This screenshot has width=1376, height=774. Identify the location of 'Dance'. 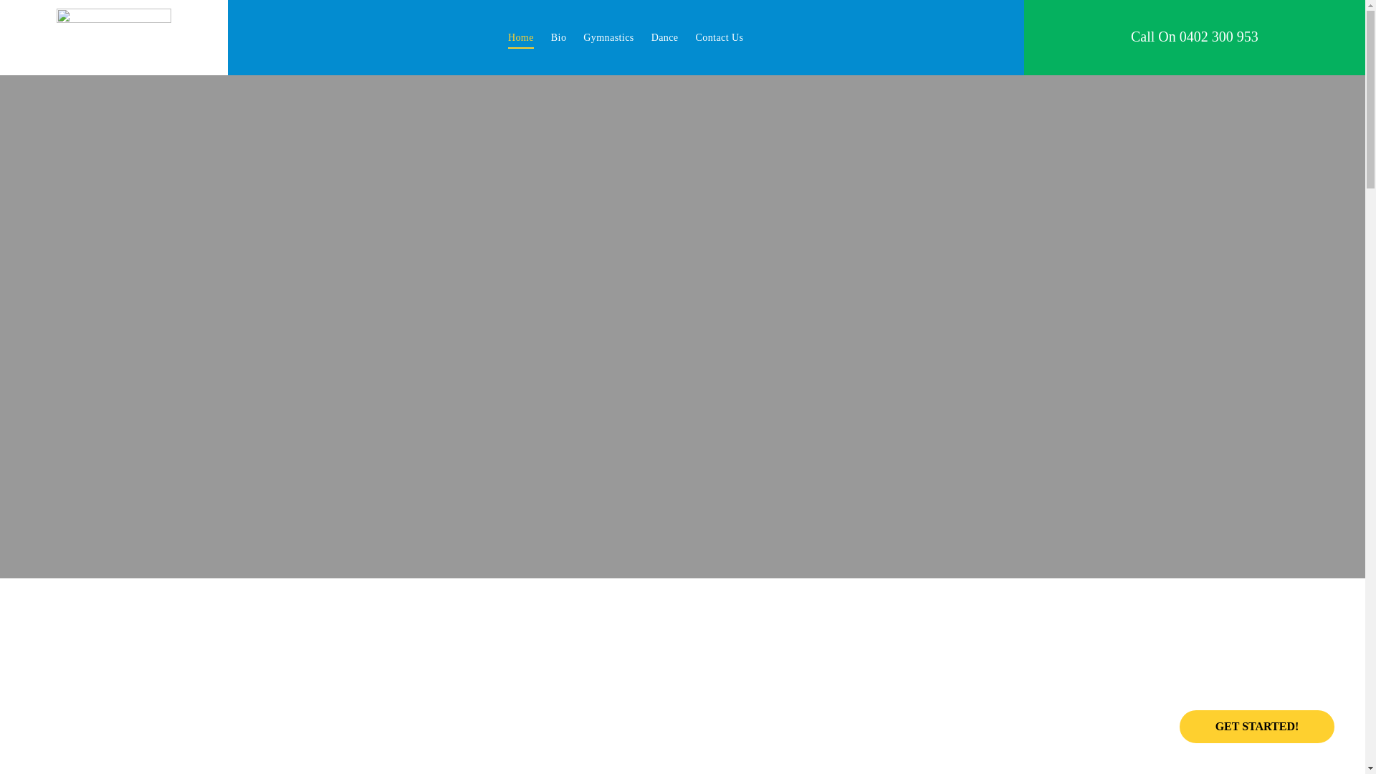
(664, 37).